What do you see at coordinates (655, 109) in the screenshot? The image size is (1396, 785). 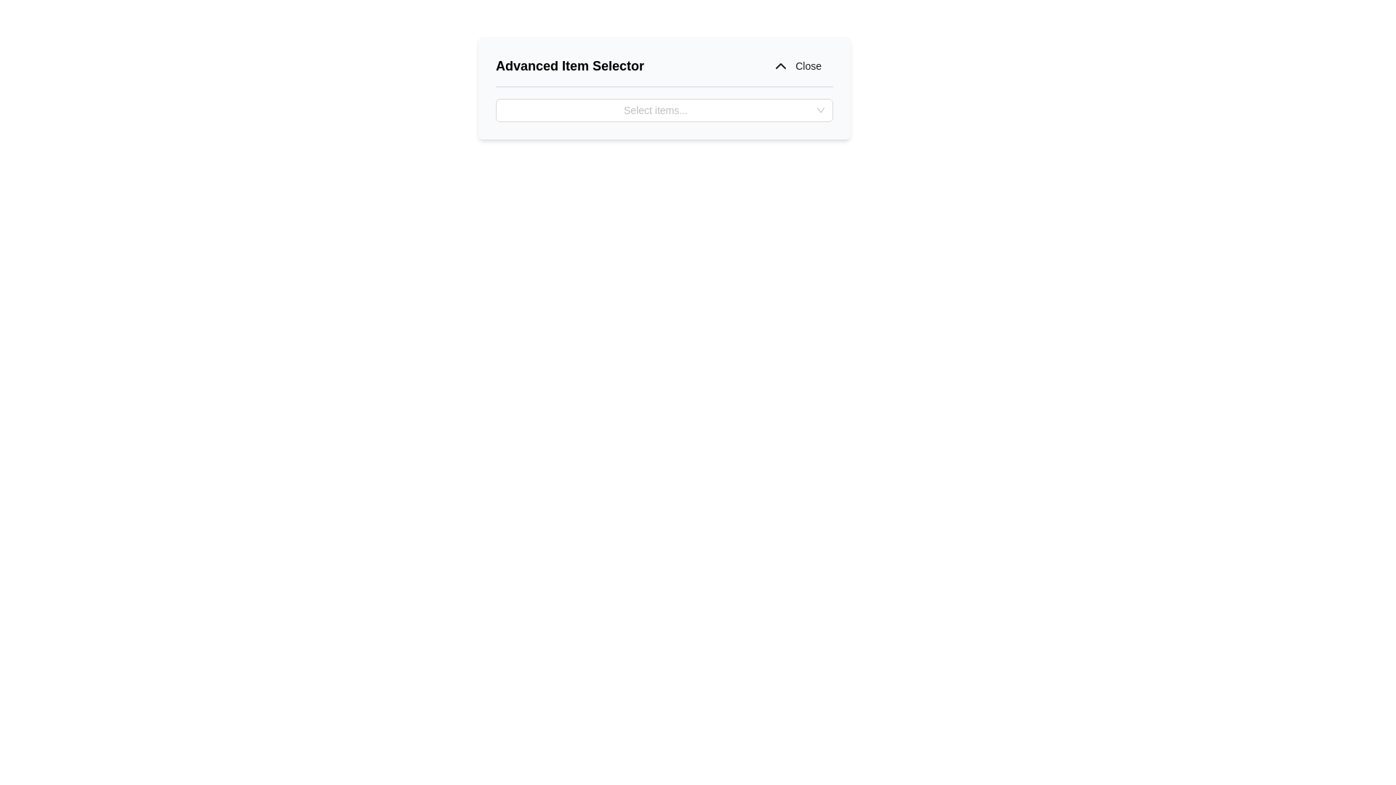 I see `the dropdown placeholder text reading 'Select items...' within the 'Advanced Item Selector' dropdown` at bounding box center [655, 109].